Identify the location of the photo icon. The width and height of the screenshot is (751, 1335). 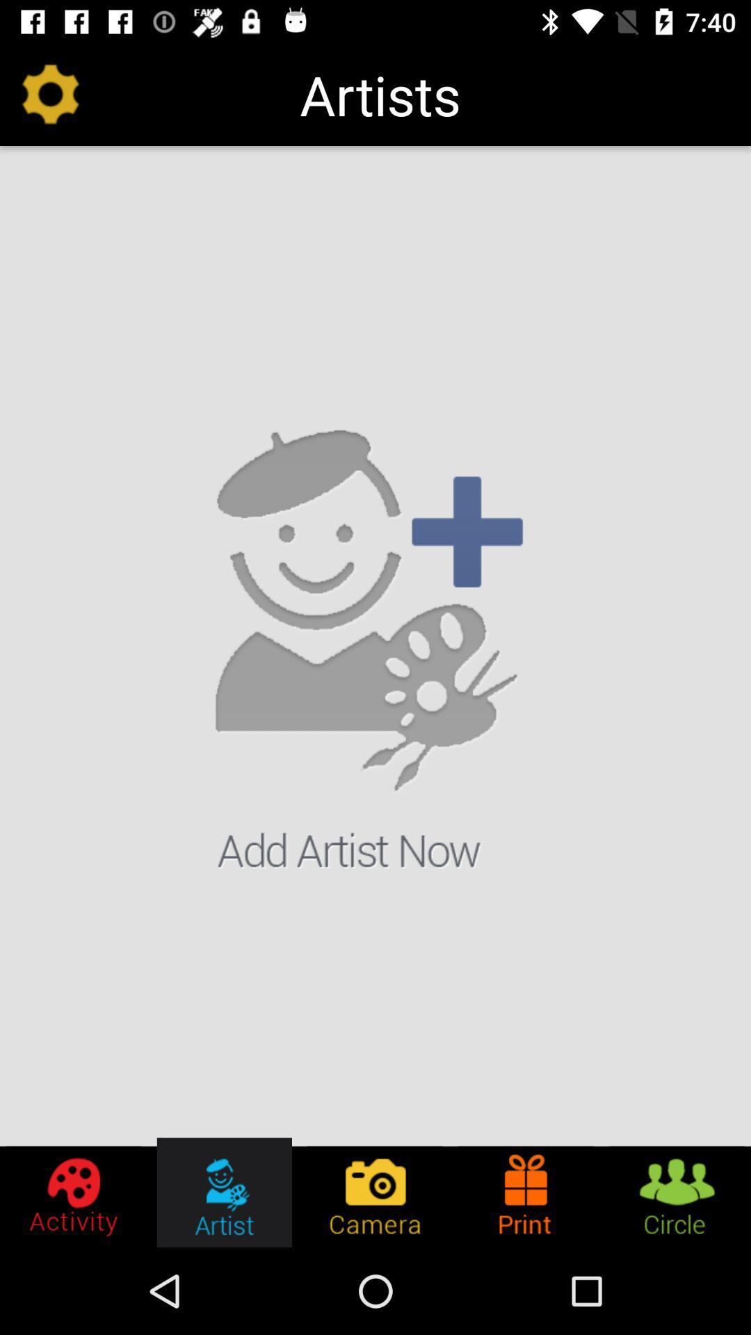
(374, 1192).